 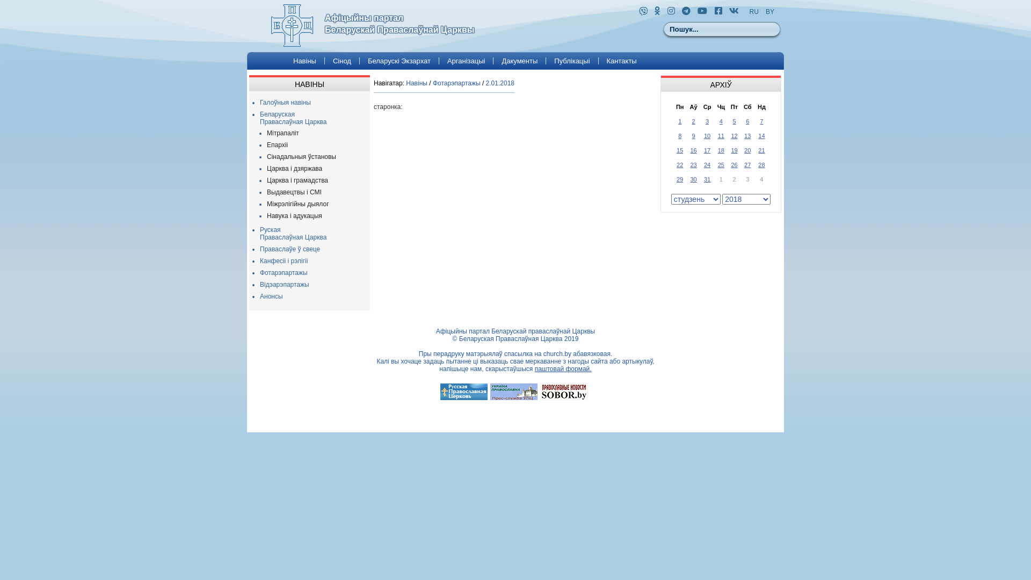 I want to click on '26', so click(x=734, y=164).